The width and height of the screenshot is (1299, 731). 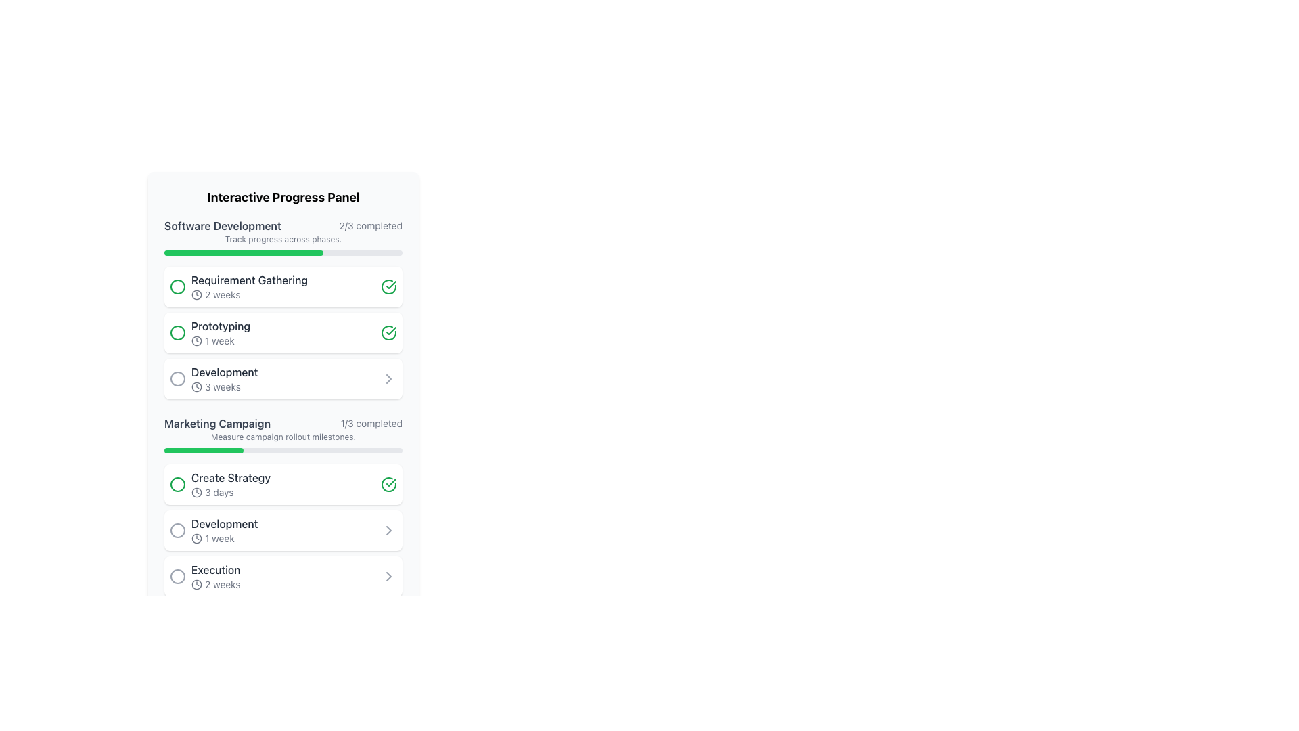 I want to click on text content from the Text Label with Icon located beneath the 'Prototyping' task label in the Software Development section, so click(x=221, y=340).